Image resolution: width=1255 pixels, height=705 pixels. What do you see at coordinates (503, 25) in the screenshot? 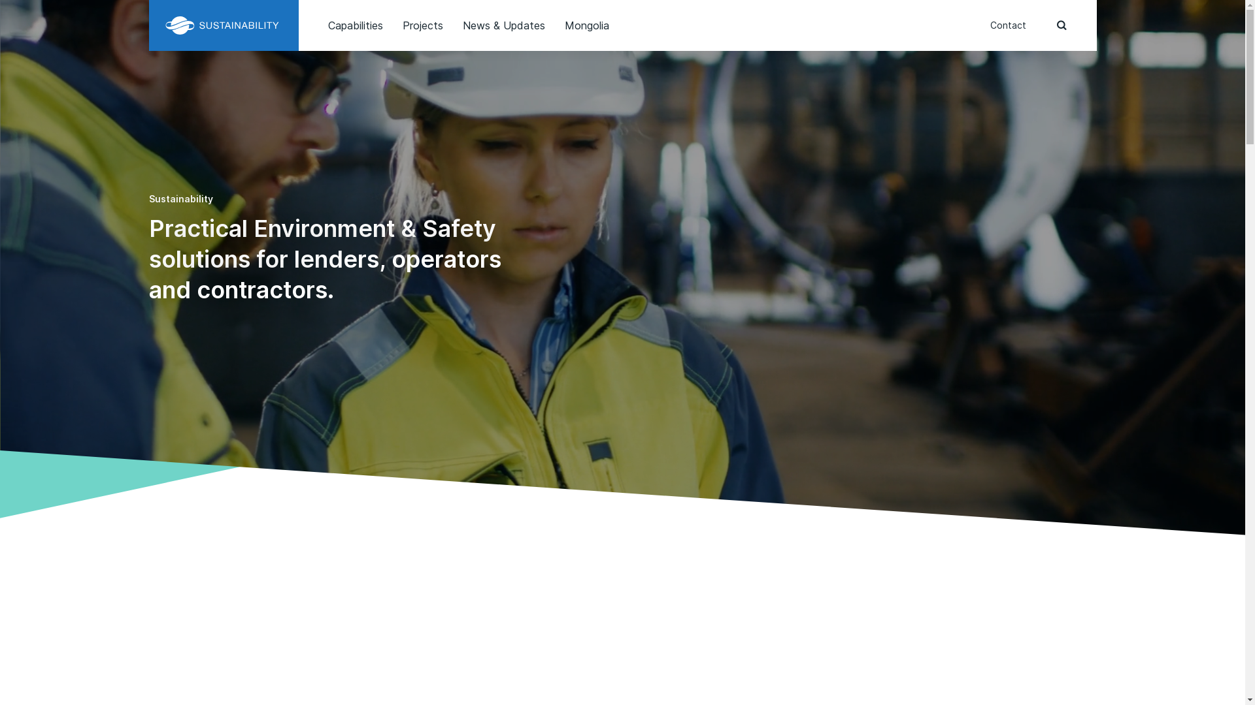
I see `'News & Updates'` at bounding box center [503, 25].